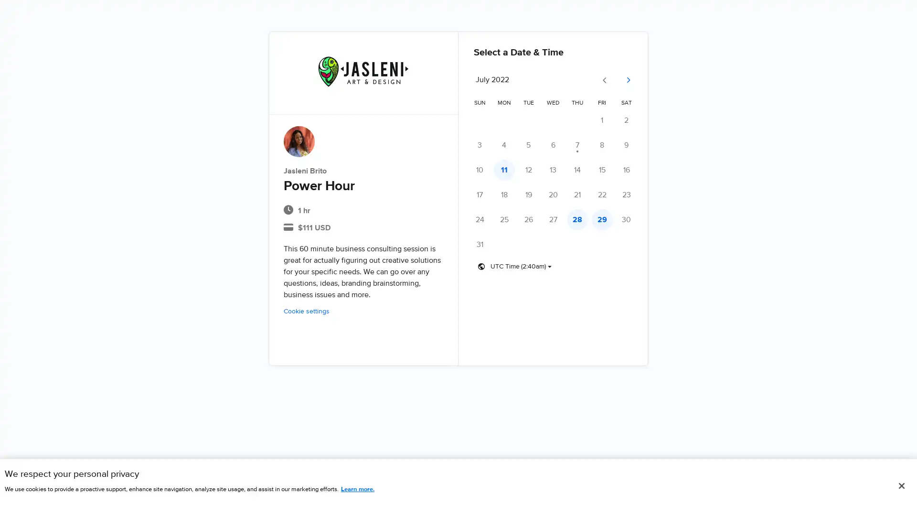 The height and width of the screenshot is (516, 917). Describe the element at coordinates (528, 169) in the screenshot. I see `Tuesday, July 12 - No times available` at that location.